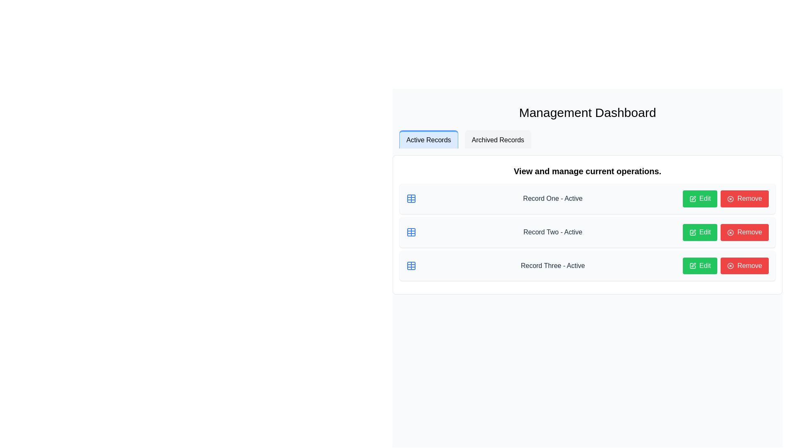 The width and height of the screenshot is (797, 448). I want to click on the circular icon representing the deletion action for the 'Remove' button associated with the third item in the list under 'View and manage current operations.', so click(731, 266).